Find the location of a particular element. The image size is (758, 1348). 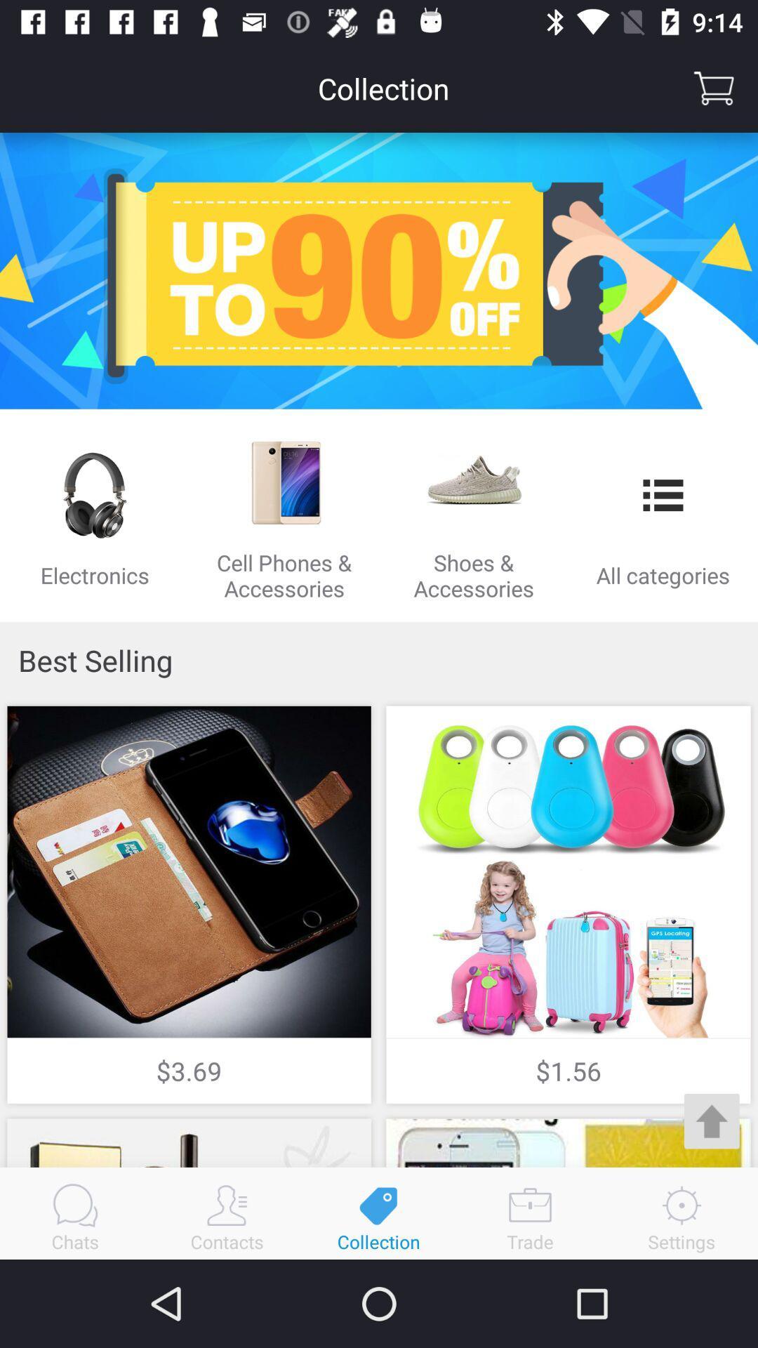

the cart icon is located at coordinates (714, 87).